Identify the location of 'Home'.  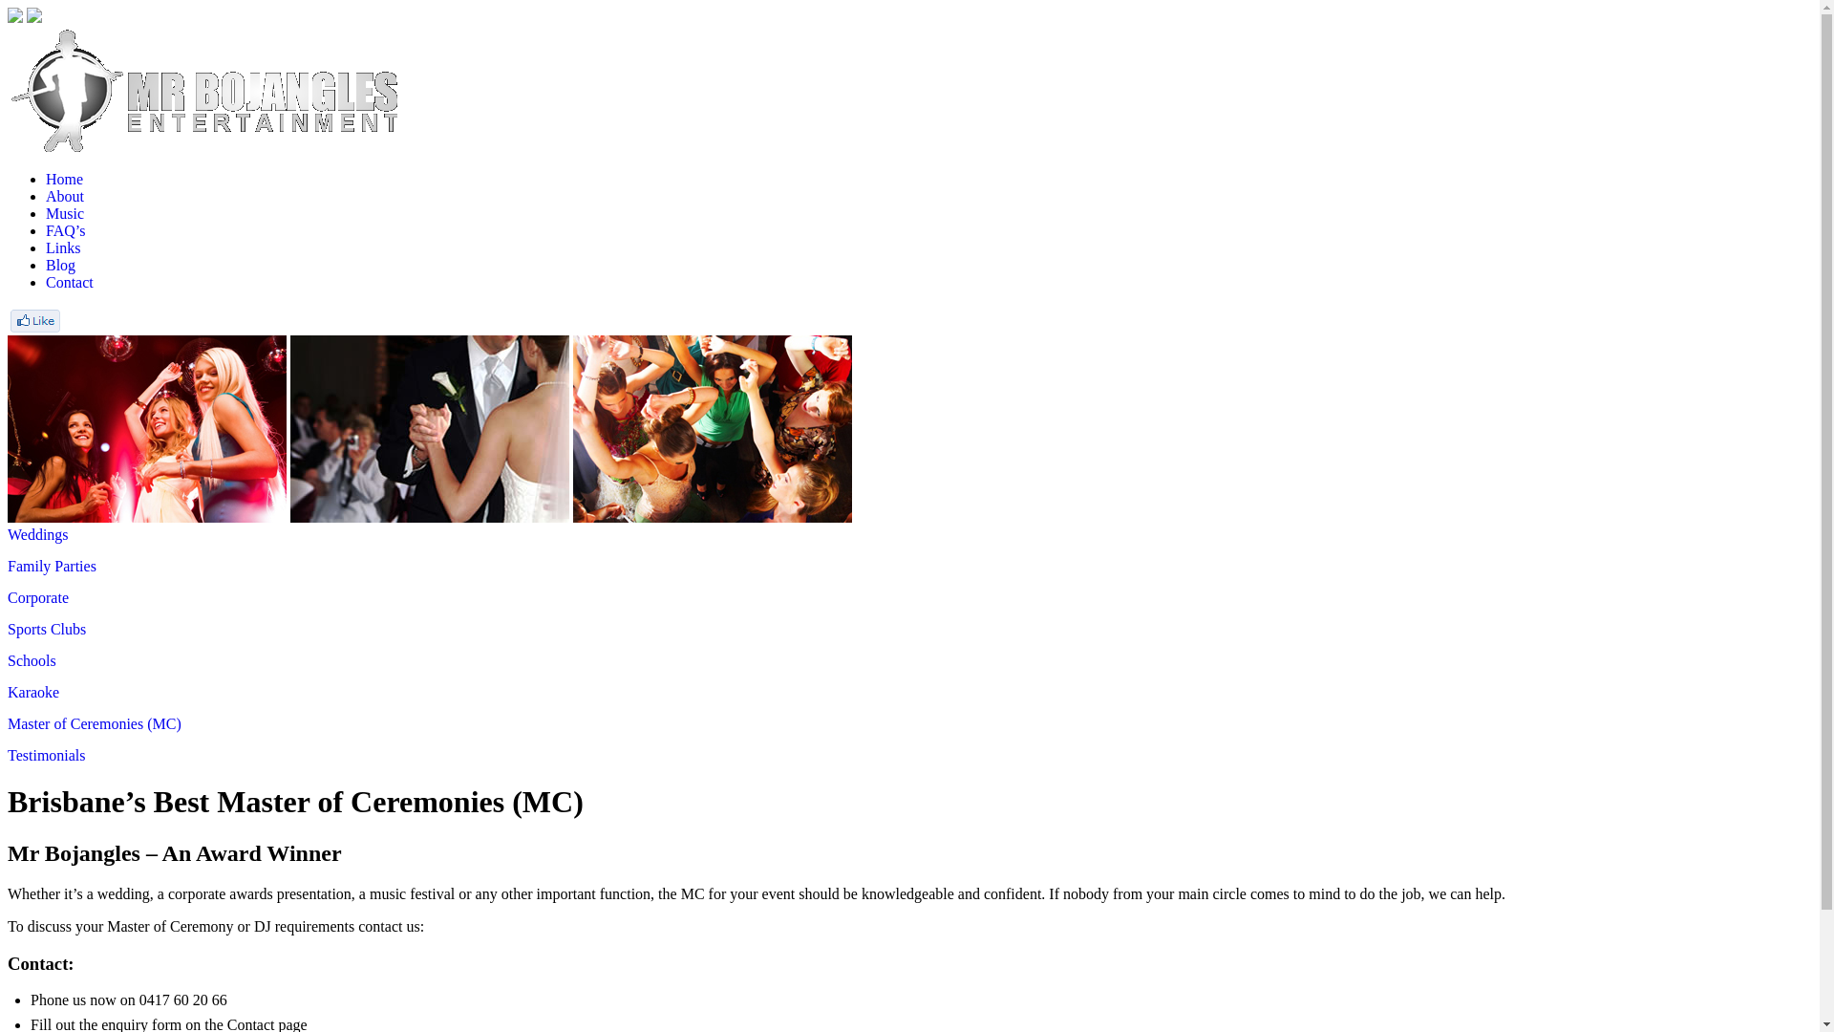
(46, 179).